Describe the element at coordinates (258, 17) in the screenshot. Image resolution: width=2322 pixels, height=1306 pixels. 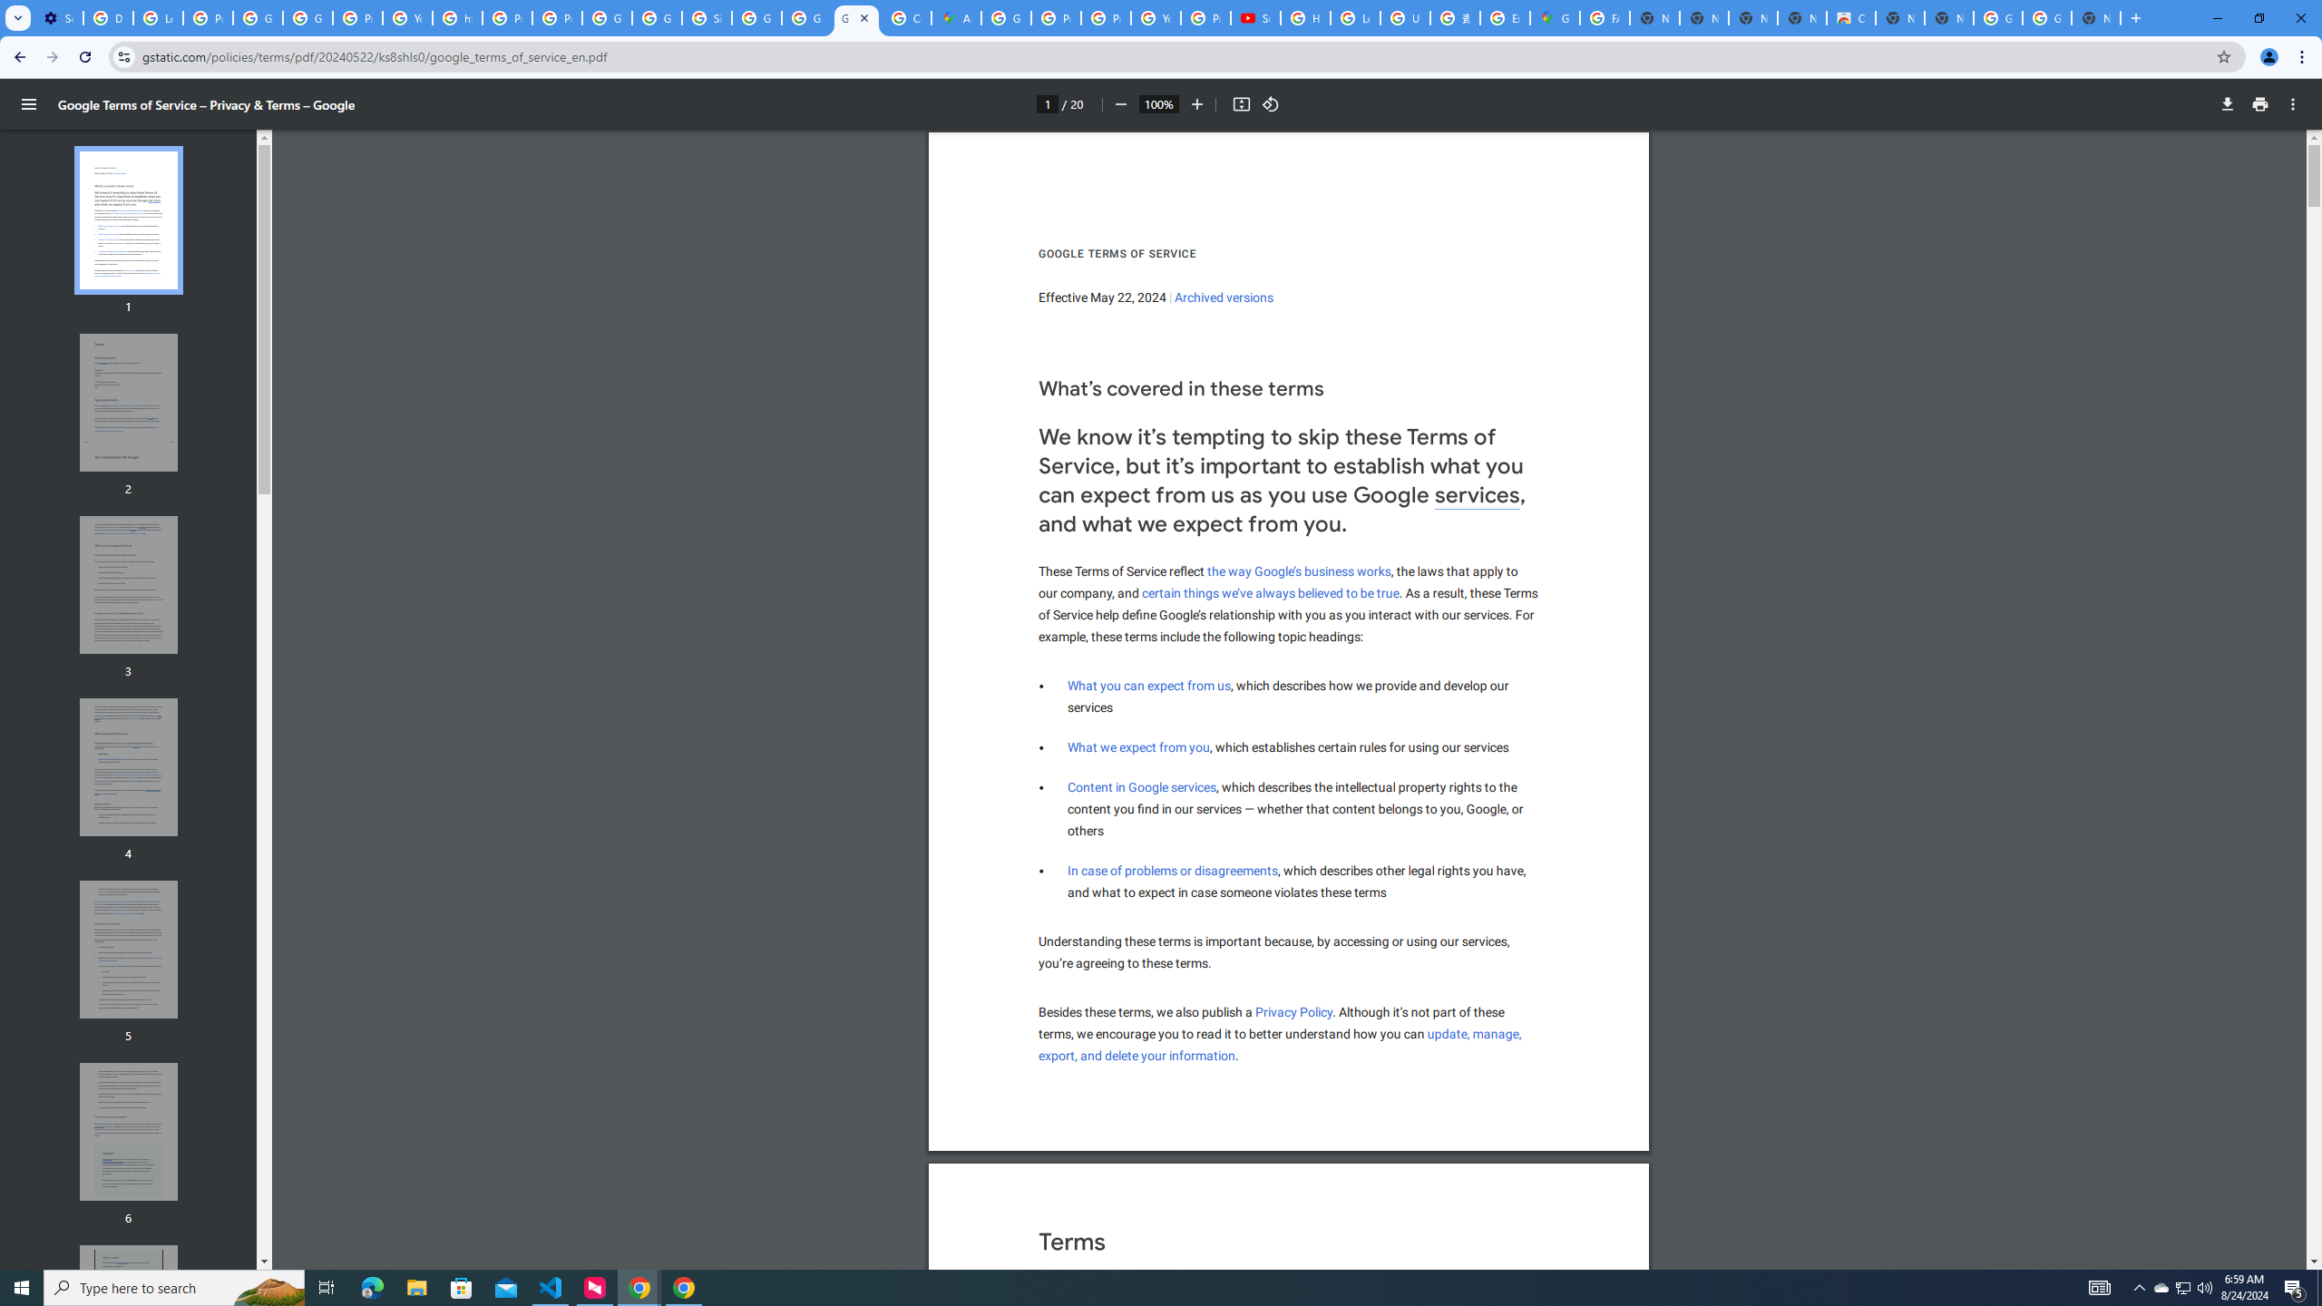
I see `'Google Account Help'` at that location.